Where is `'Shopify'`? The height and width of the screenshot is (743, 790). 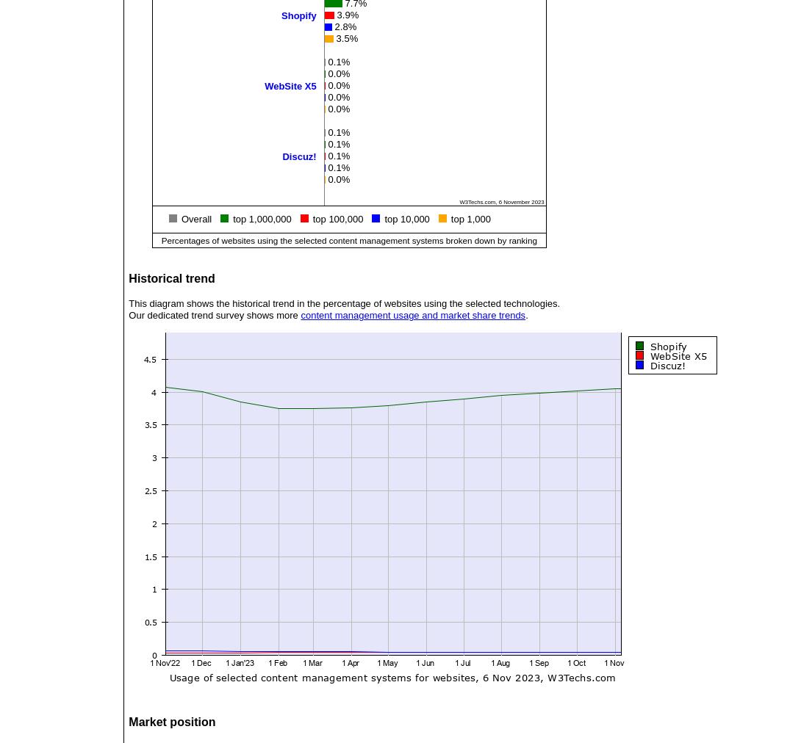
'Shopify' is located at coordinates (298, 14).